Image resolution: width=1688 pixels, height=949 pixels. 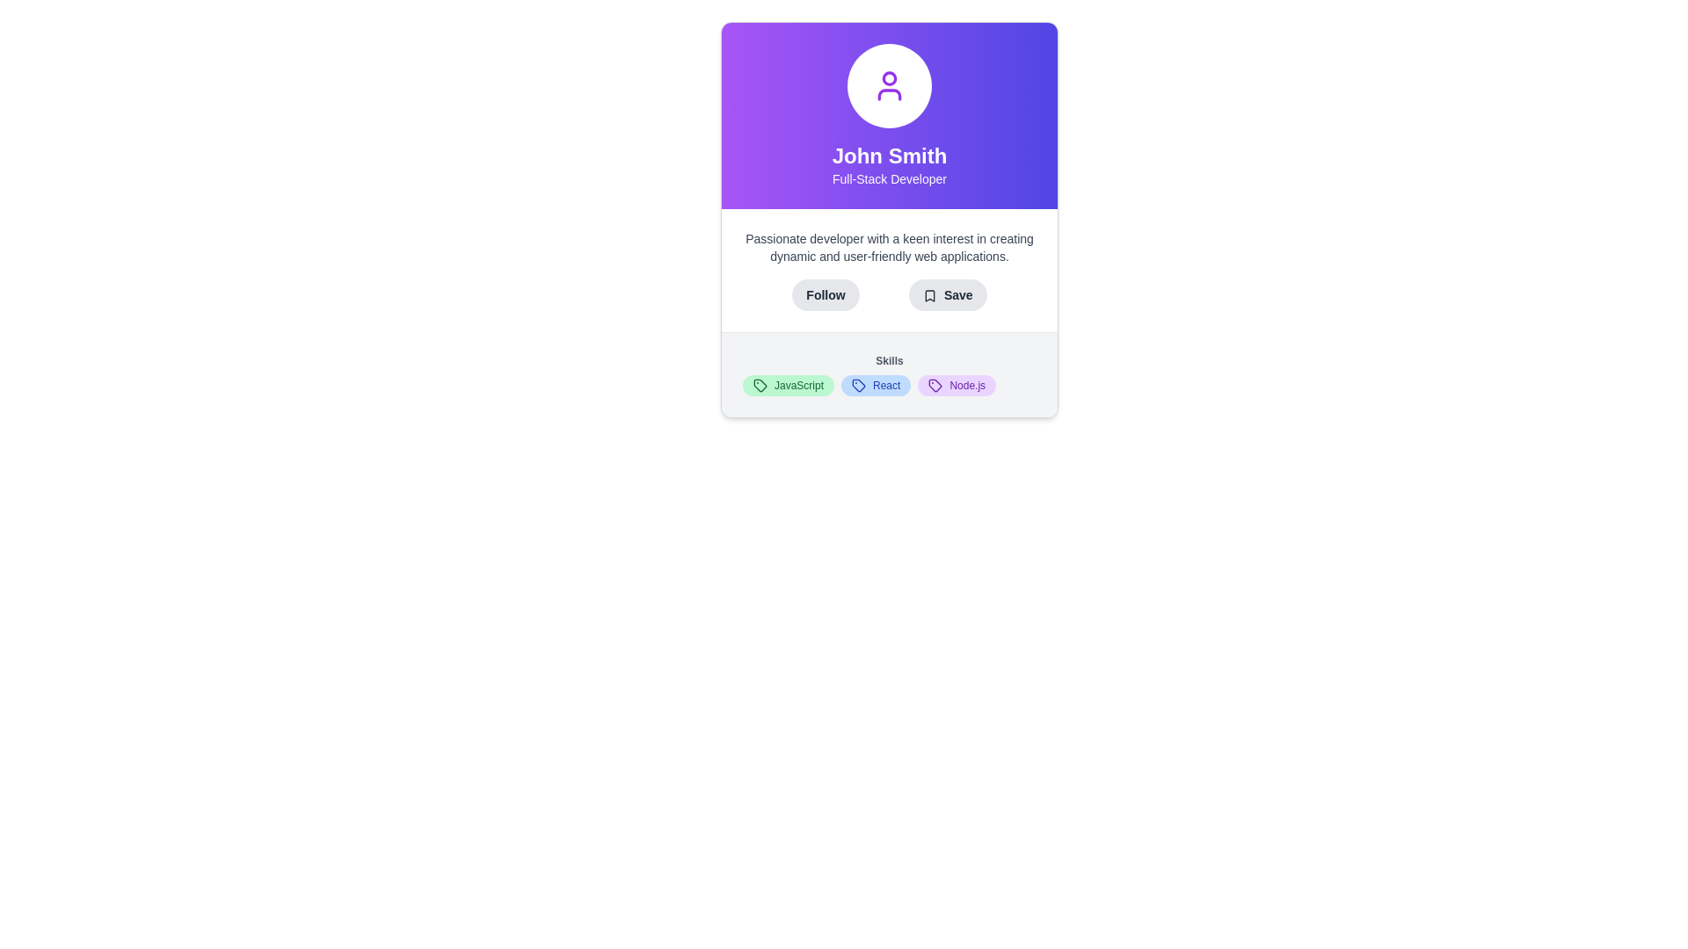 What do you see at coordinates (890, 247) in the screenshot?
I see `the static text label that reads 'Passionate developer with a keen interest in creating dynamic and user-friendly web applications.' positioned under 'John Smith' and above the Follow and Save buttons` at bounding box center [890, 247].